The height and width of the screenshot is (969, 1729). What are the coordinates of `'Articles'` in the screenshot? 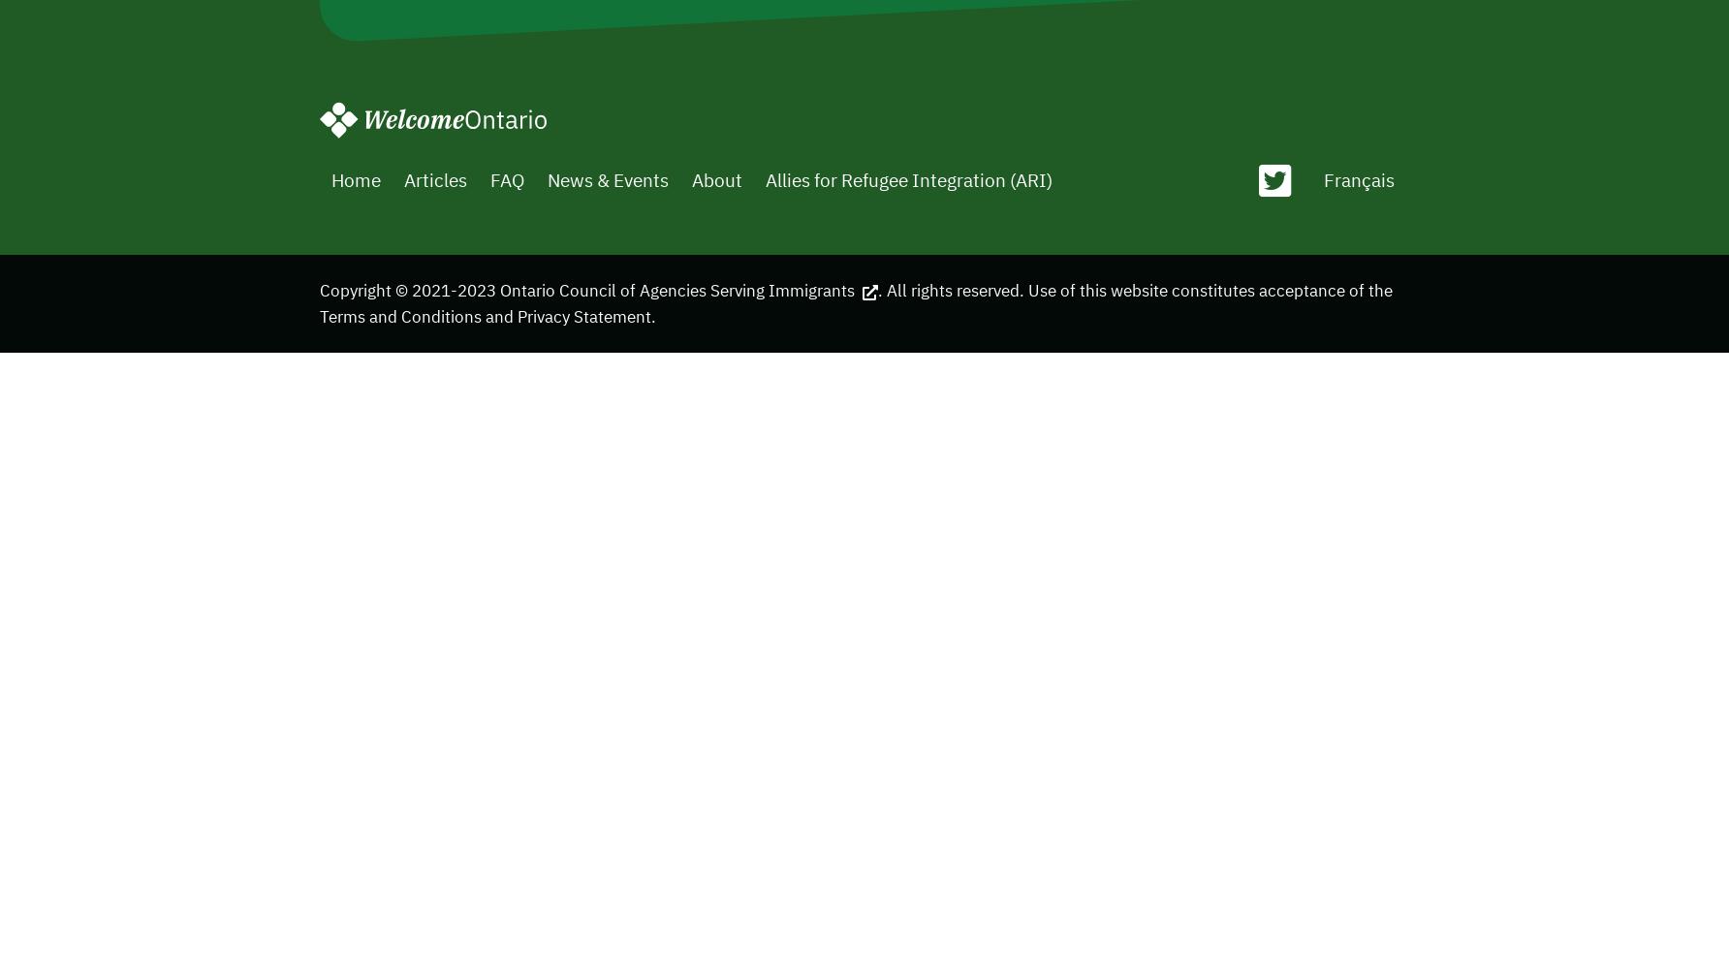 It's located at (434, 178).